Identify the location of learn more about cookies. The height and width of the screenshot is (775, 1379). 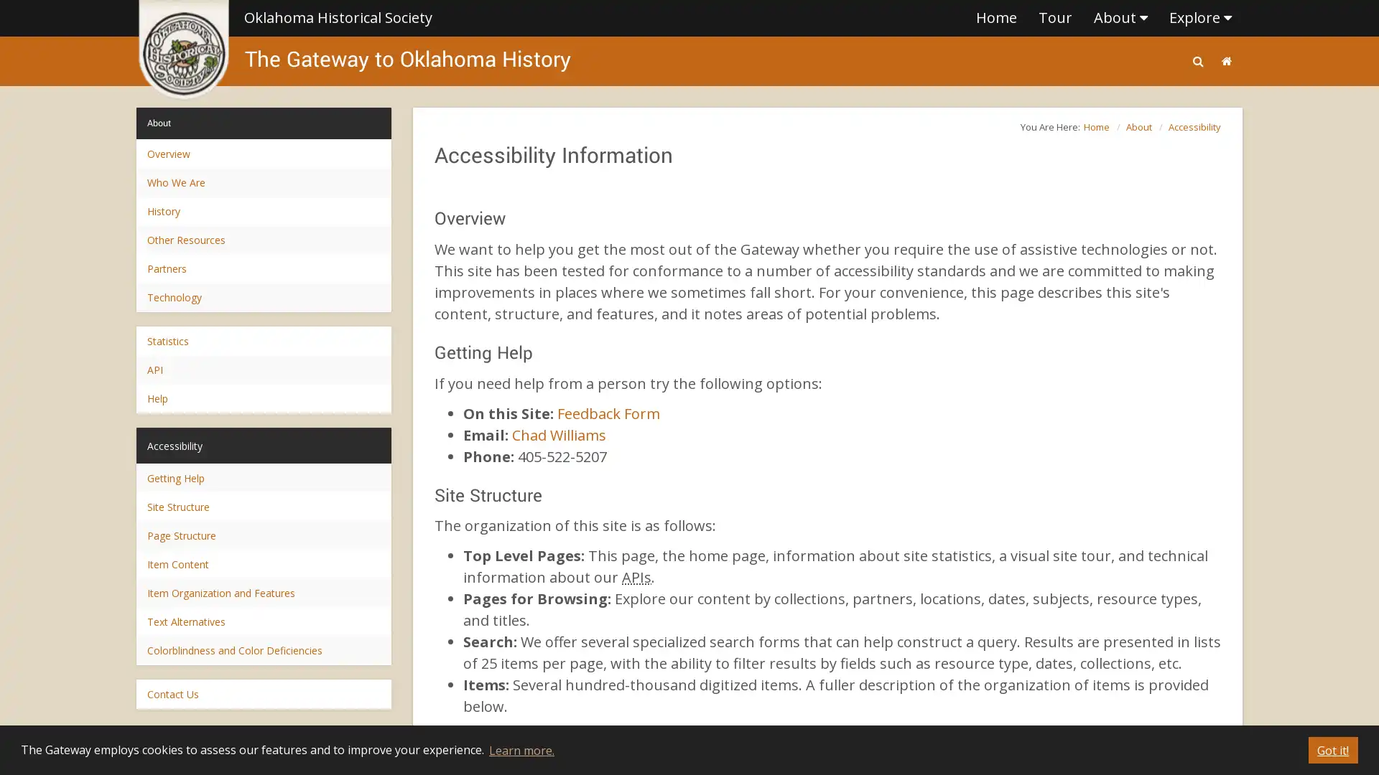
(520, 749).